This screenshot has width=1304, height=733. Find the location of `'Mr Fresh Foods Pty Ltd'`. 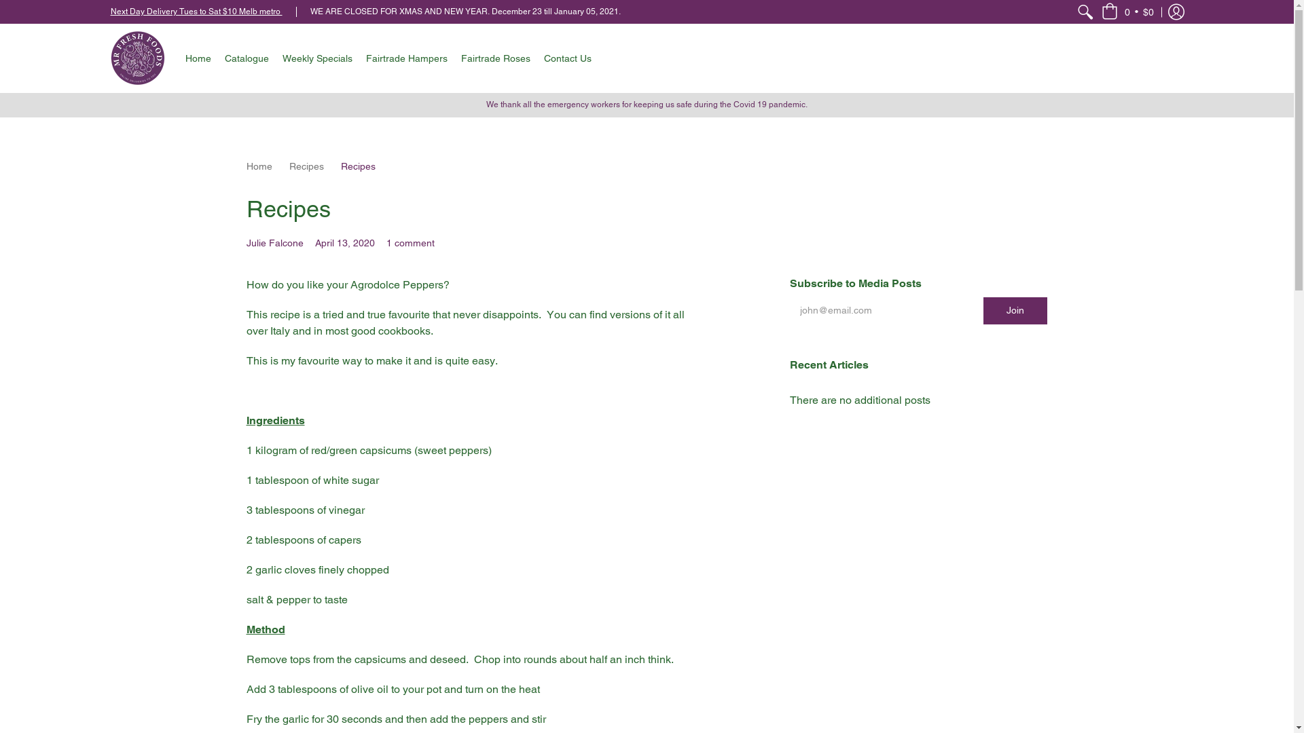

'Mr Fresh Foods Pty Ltd' is located at coordinates (137, 57).